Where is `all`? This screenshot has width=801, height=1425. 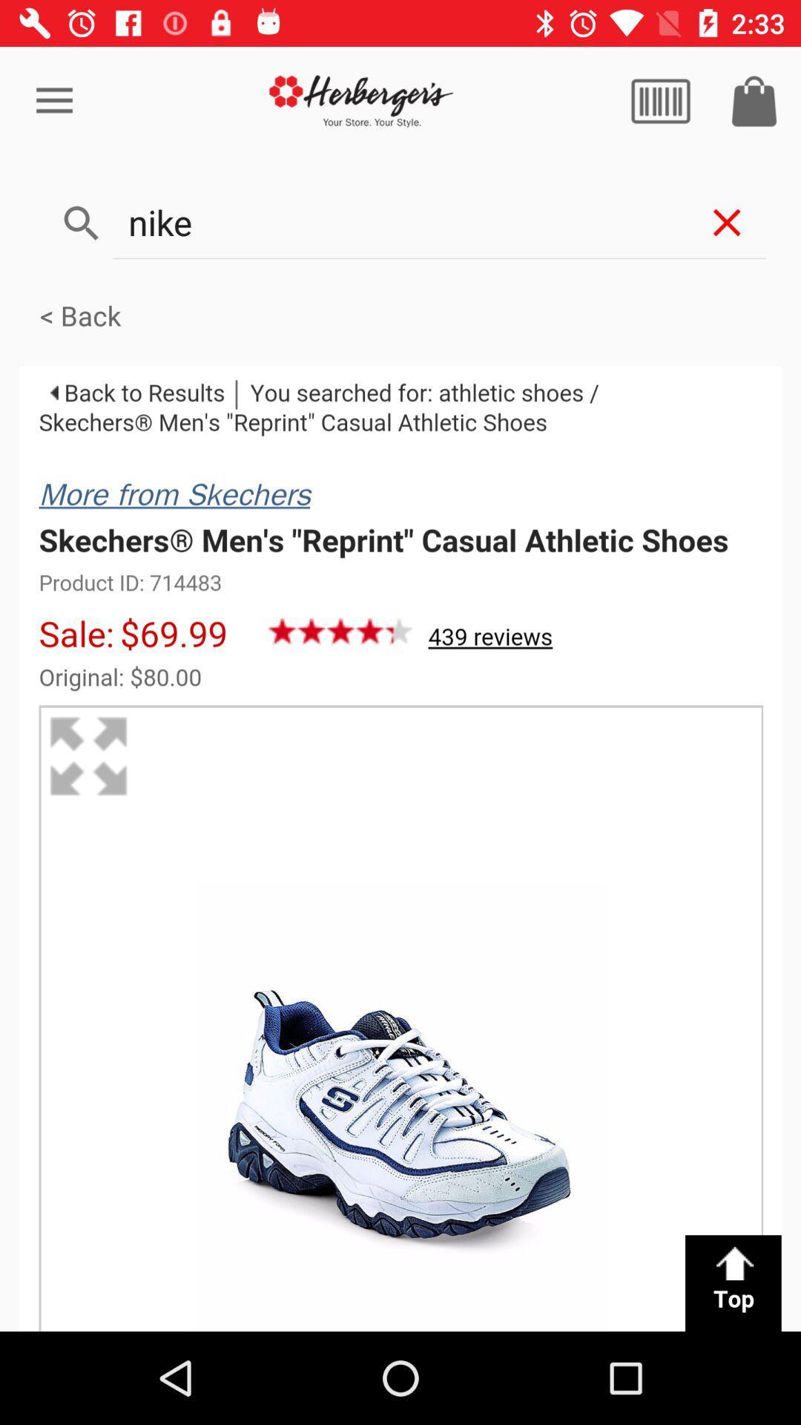
all is located at coordinates (660, 100).